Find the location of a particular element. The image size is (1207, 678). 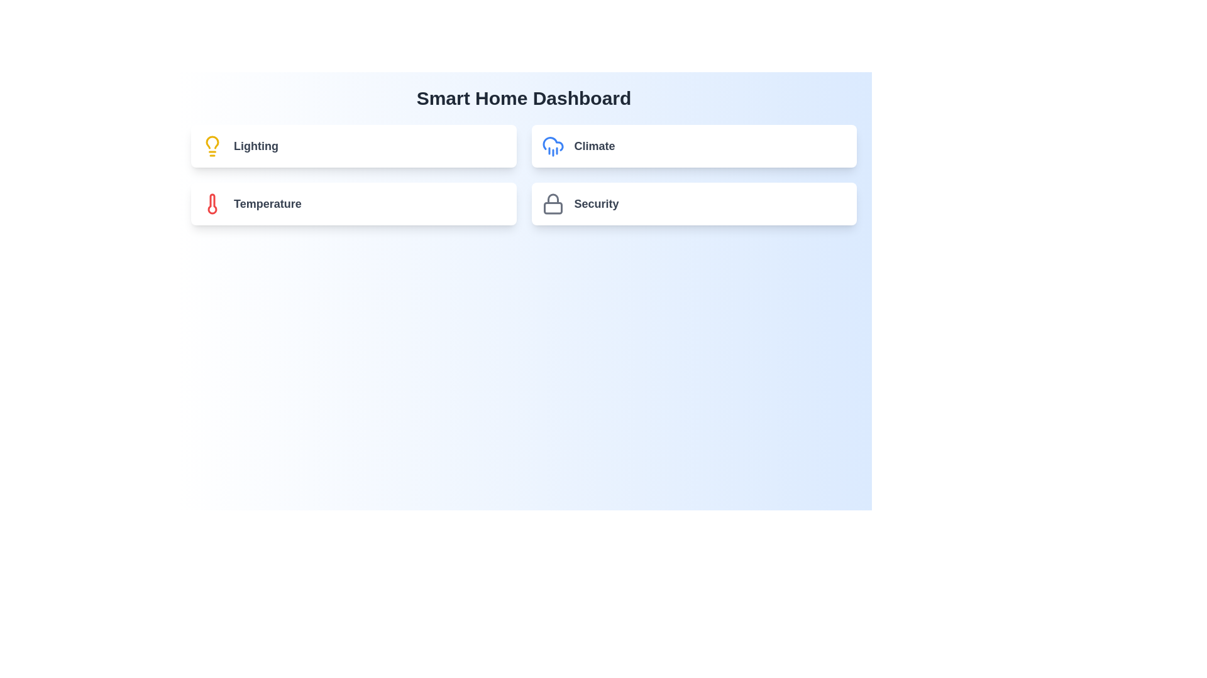

the lighting icon in the top-left corner of the 'Lighting' card that symbolizes lighting features is located at coordinates (212, 145).